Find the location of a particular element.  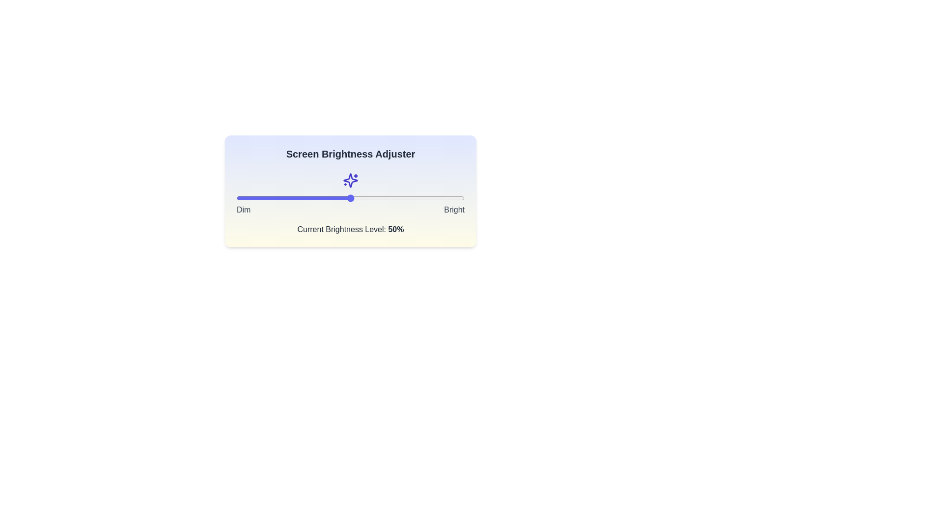

the brightness slider to 92% to observe the icon change is located at coordinates (445, 198).